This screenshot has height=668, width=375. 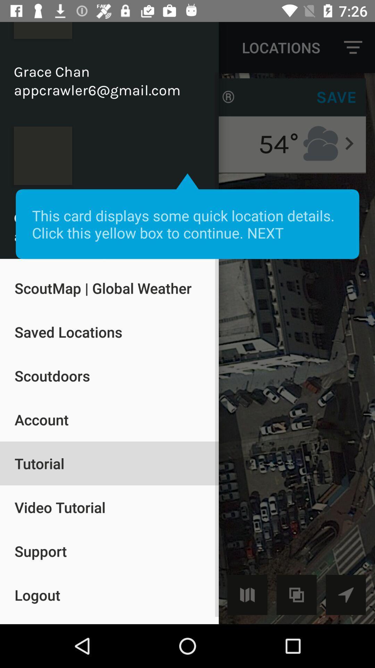 What do you see at coordinates (297, 594) in the screenshot?
I see `the copy icon` at bounding box center [297, 594].